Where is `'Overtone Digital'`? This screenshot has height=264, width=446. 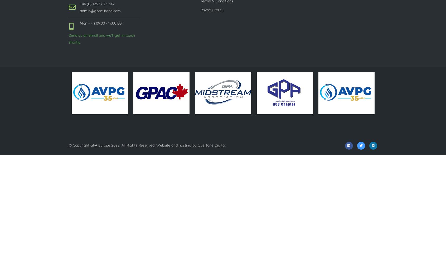 'Overtone Digital' is located at coordinates (211, 145).